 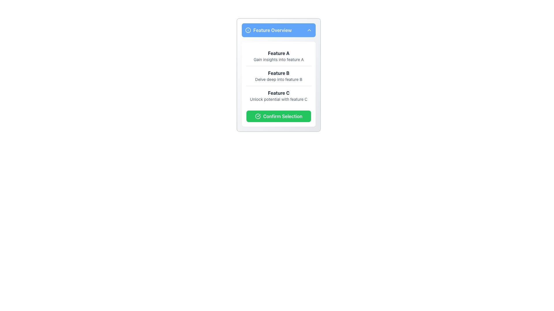 I want to click on the informational text block that presents information about 'Feature A', located just below the header labeled 'Feature Overview', so click(x=278, y=56).